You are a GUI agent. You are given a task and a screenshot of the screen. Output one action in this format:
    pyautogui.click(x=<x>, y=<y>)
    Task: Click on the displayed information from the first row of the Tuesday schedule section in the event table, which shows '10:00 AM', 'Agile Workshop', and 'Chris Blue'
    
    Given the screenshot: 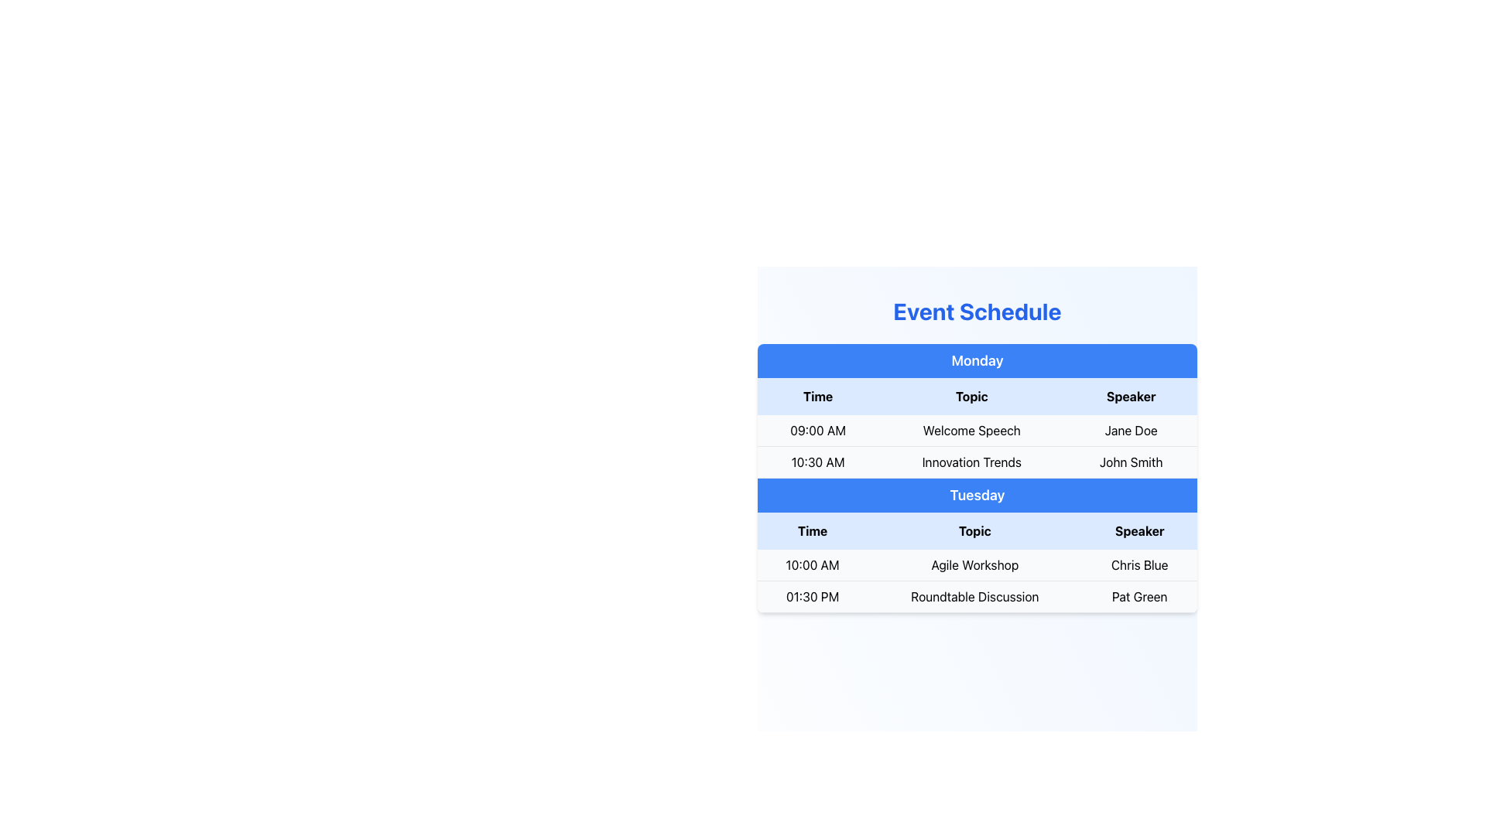 What is the action you would take?
    pyautogui.click(x=976, y=565)
    